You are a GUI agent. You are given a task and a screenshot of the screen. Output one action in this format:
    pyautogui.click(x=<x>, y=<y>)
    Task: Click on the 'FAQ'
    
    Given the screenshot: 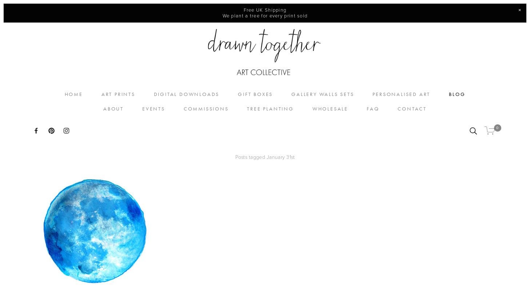 What is the action you would take?
    pyautogui.click(x=372, y=109)
    